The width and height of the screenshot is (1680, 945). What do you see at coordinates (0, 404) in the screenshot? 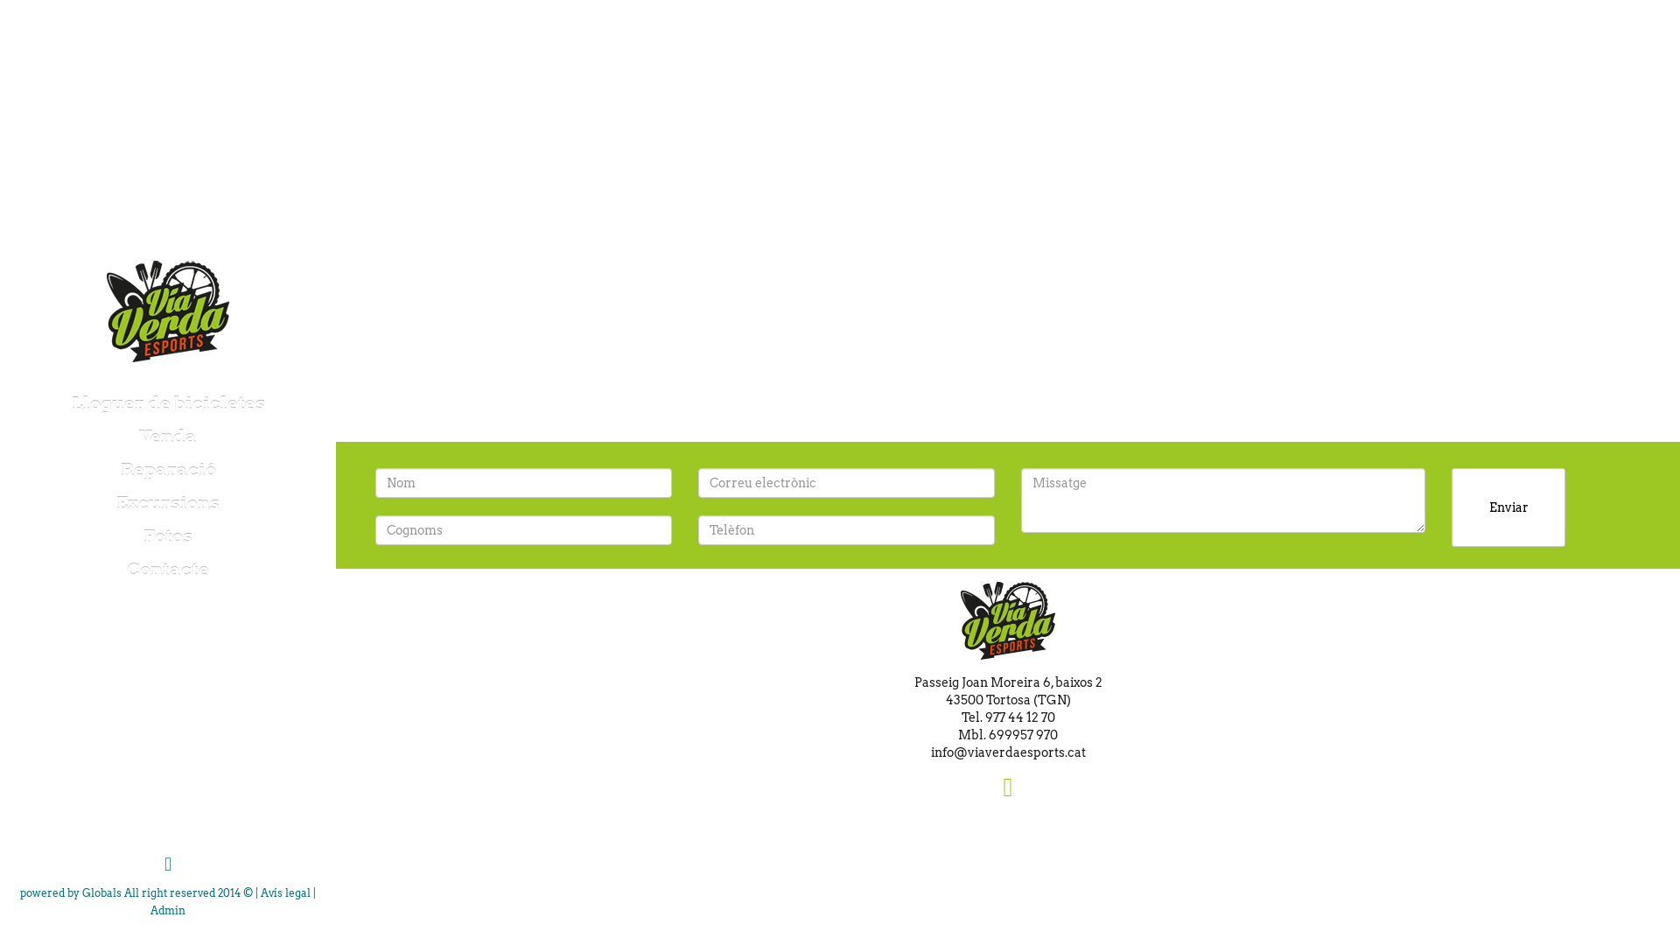
I see `'Lloguer de bicicletes'` at bounding box center [0, 404].